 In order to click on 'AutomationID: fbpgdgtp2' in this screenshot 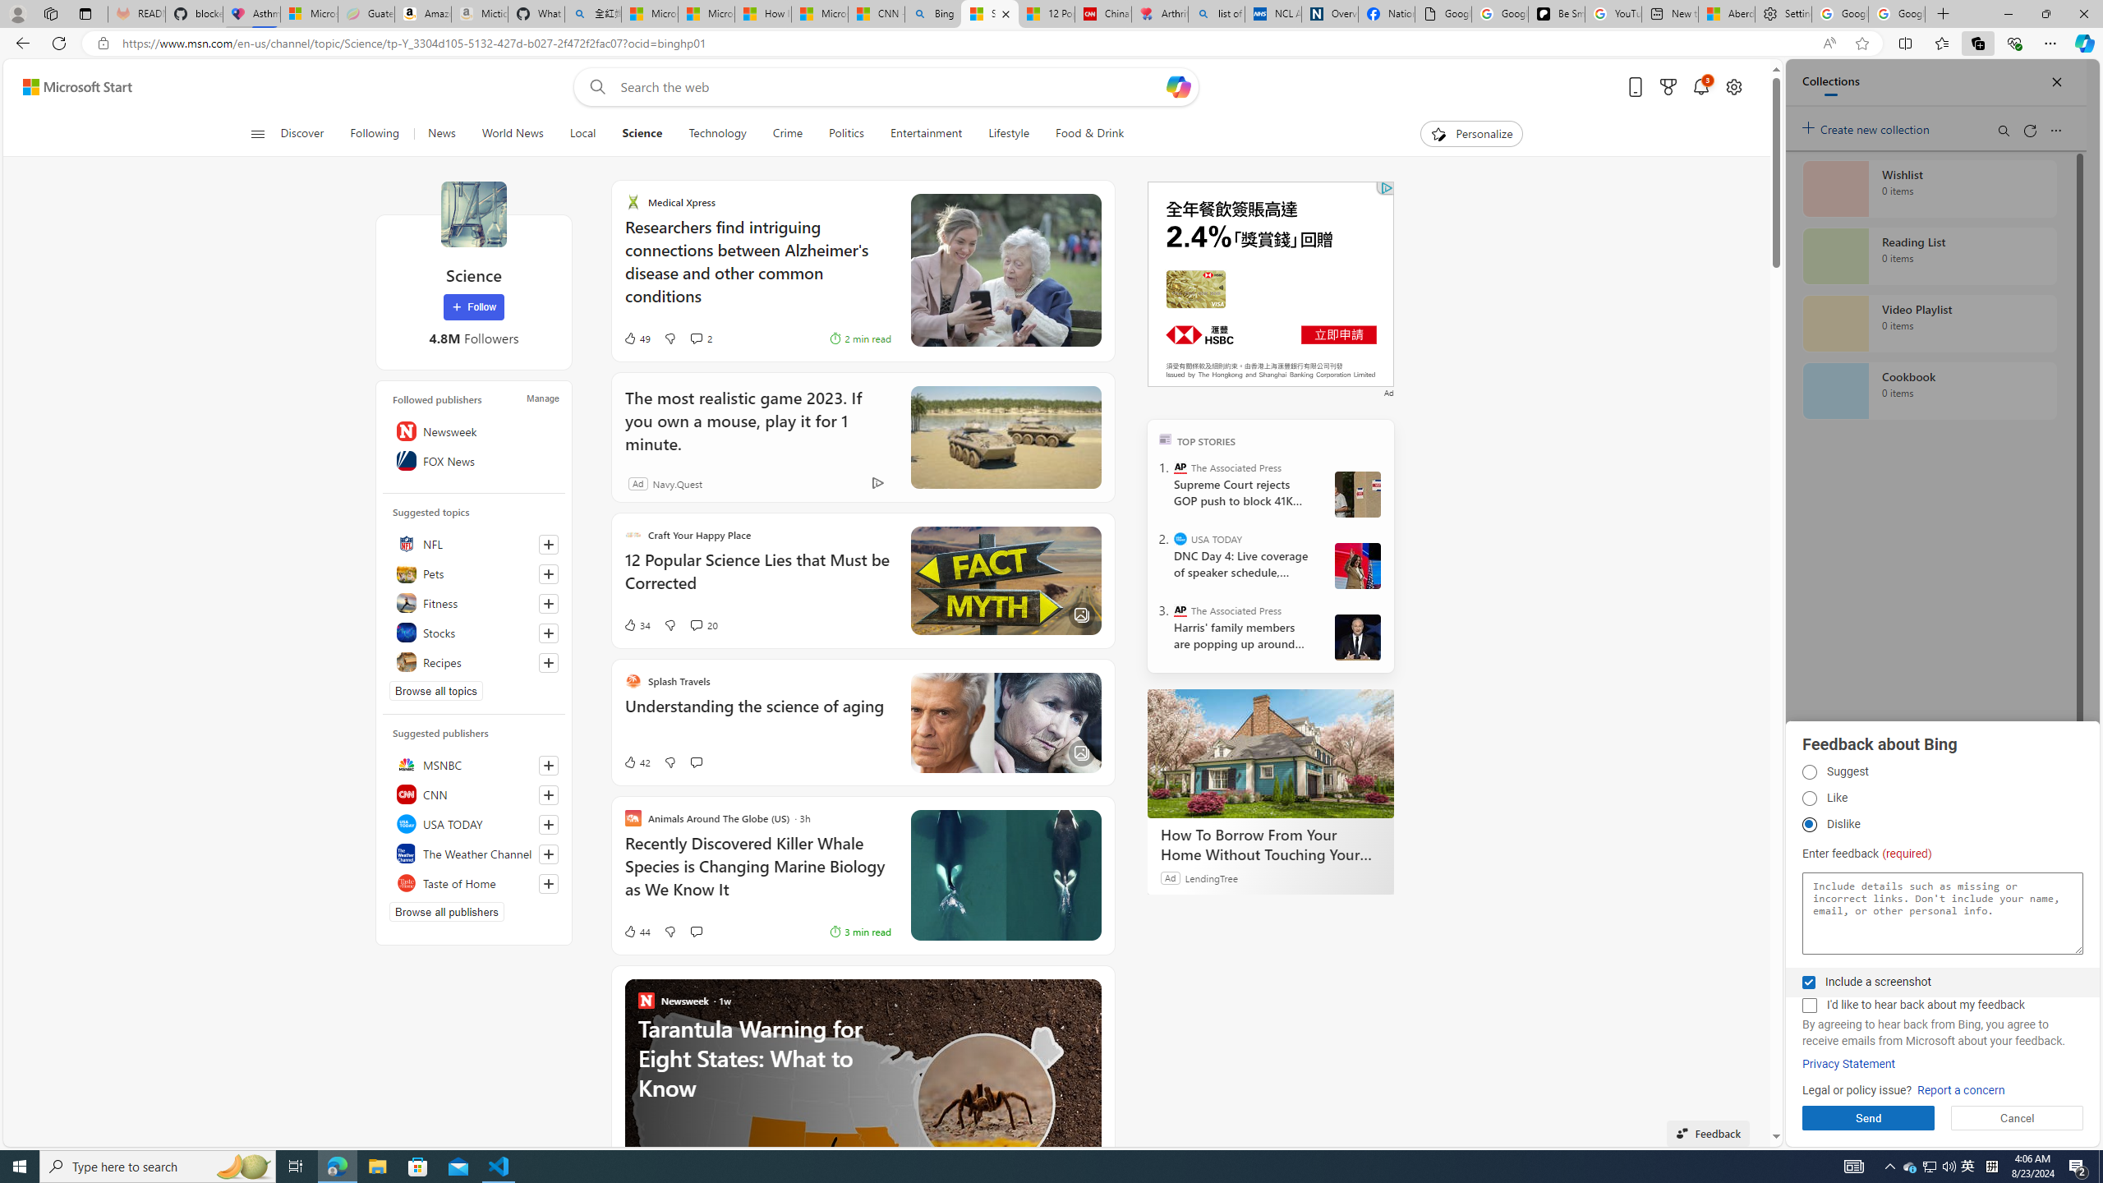, I will do `click(1808, 799)`.